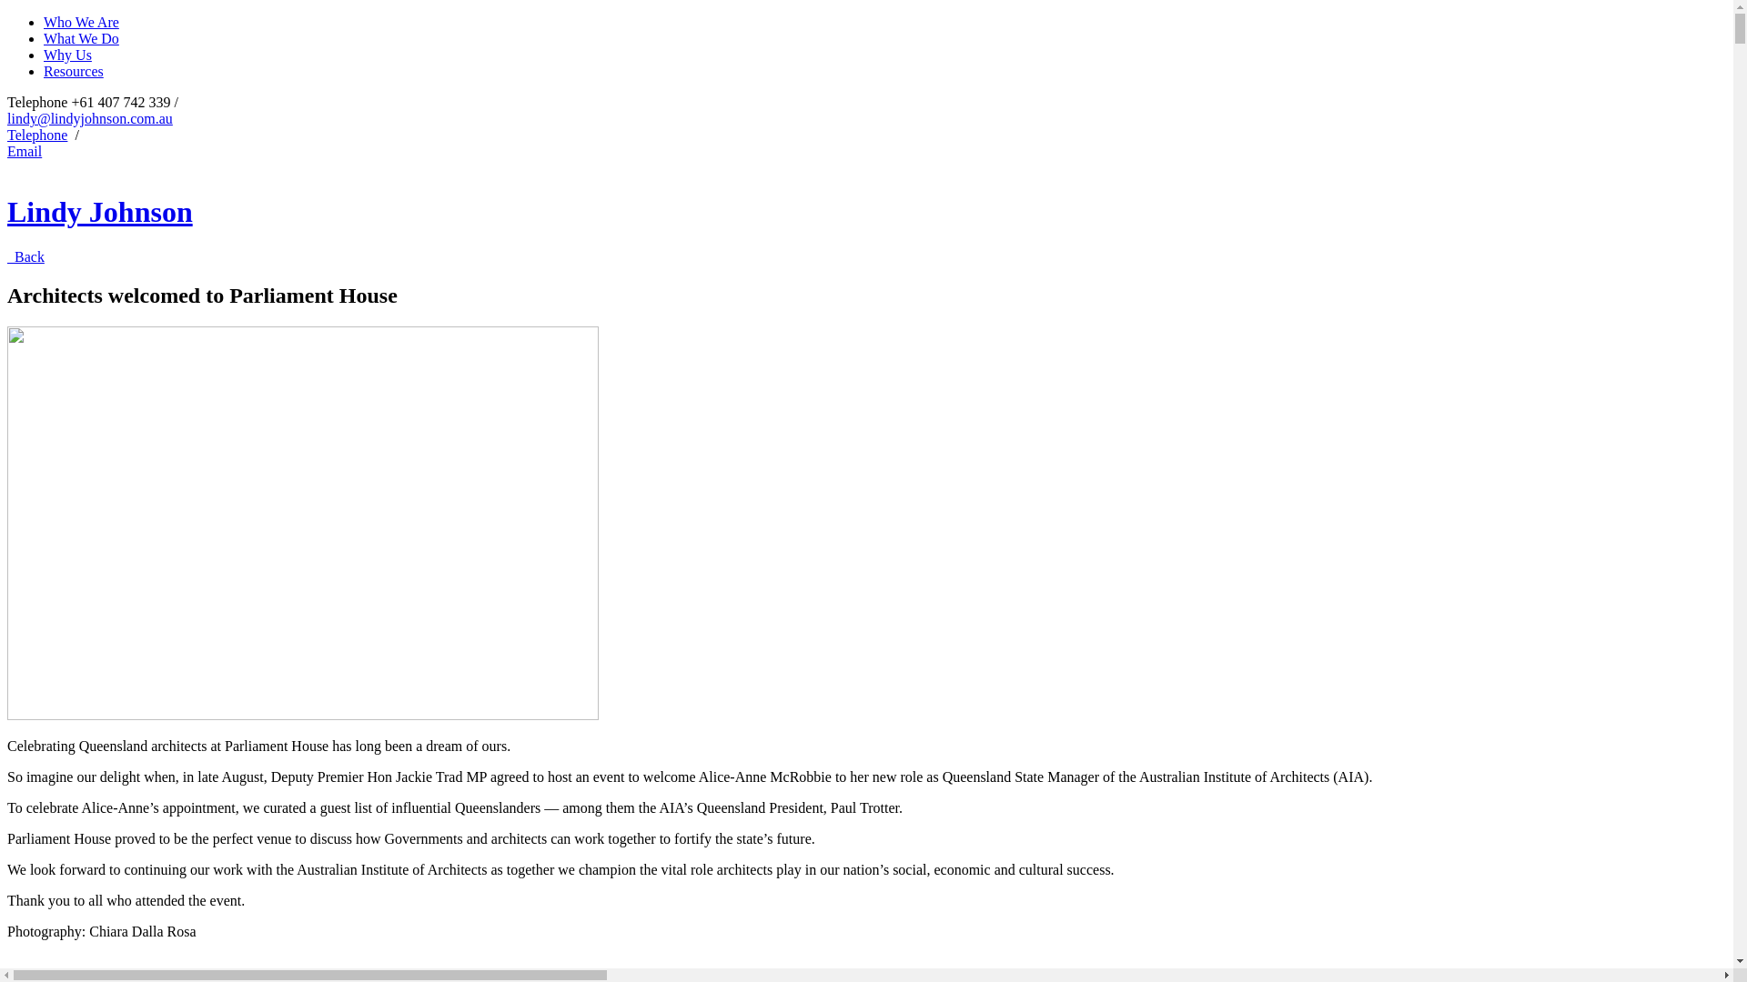 This screenshot has height=982, width=1747. Describe the element at coordinates (67, 54) in the screenshot. I see `'Why Us'` at that location.